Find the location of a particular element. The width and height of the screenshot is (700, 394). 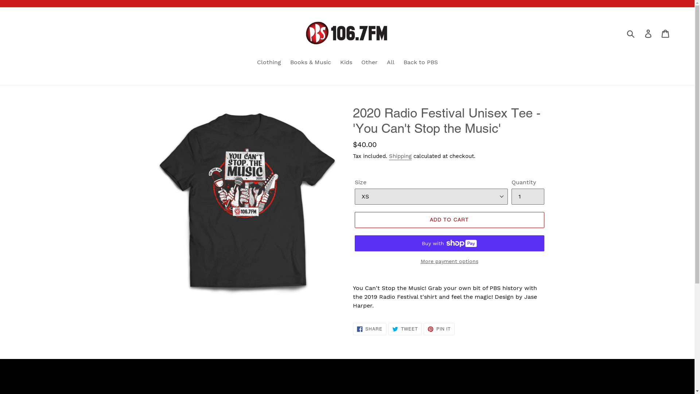

'SHARE is located at coordinates (370, 329).